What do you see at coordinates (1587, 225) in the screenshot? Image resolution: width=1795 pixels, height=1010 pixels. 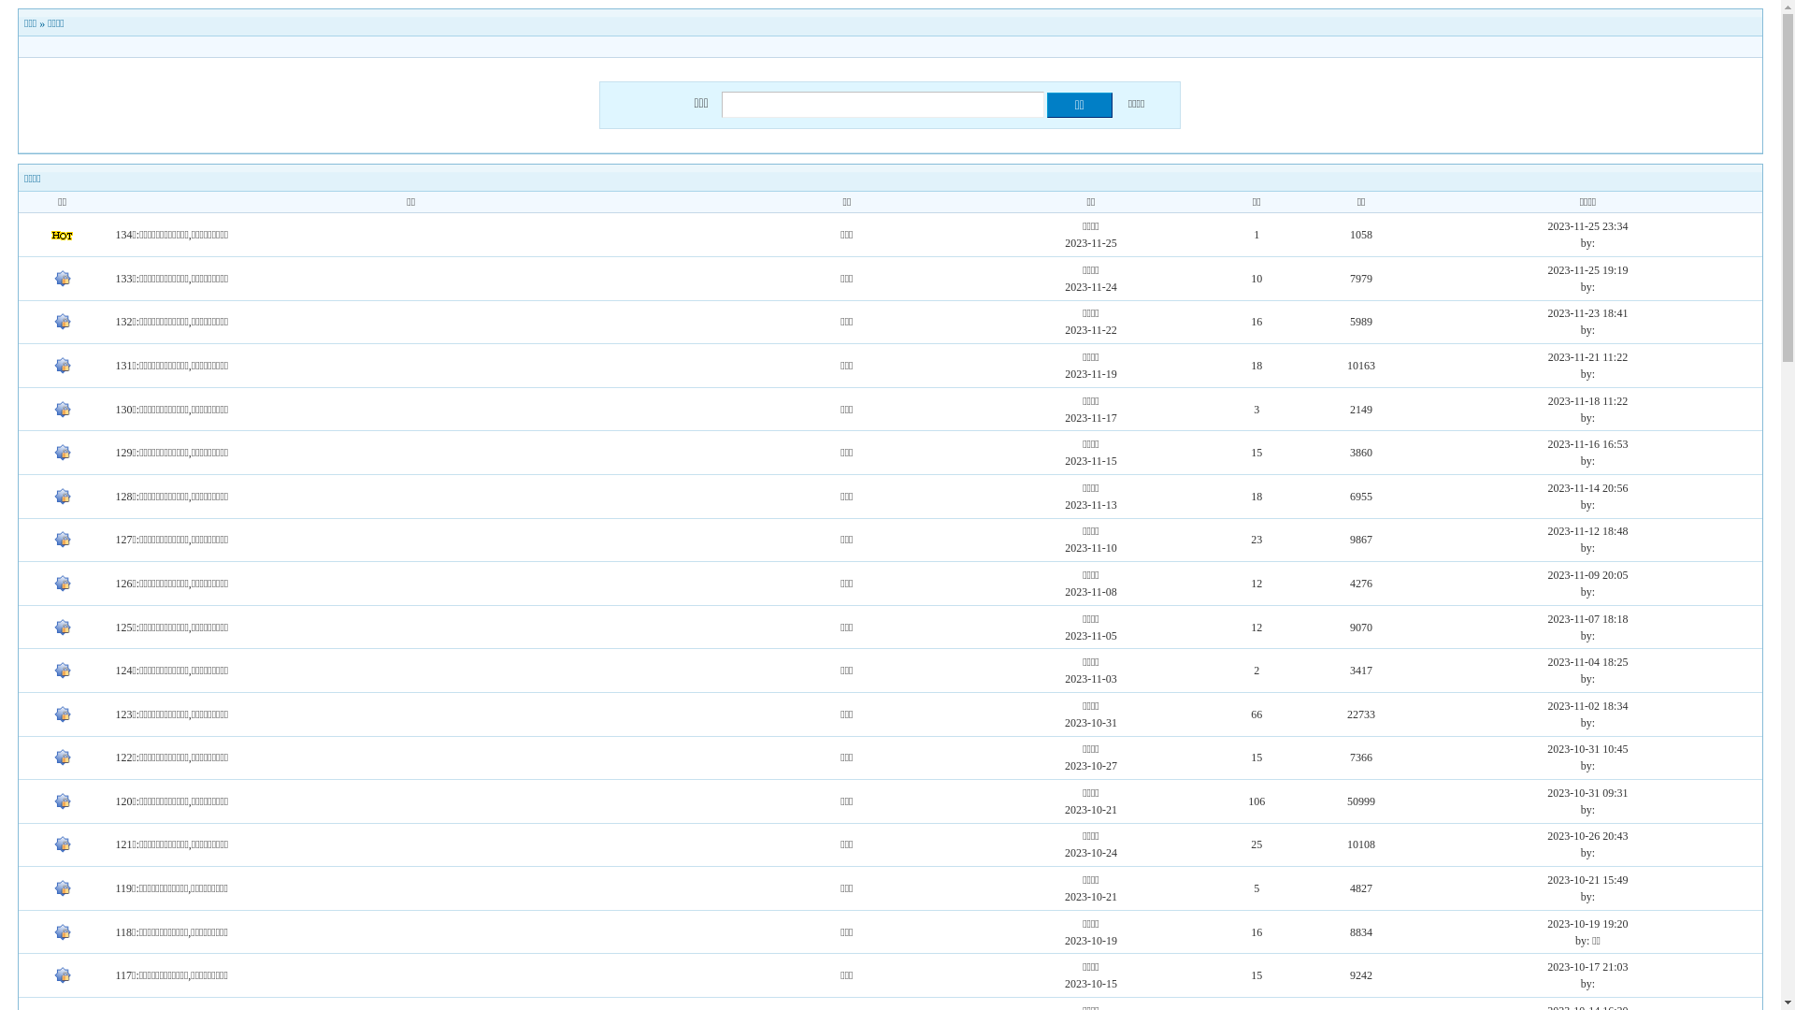 I see `'2023-11-25 23:34'` at bounding box center [1587, 225].